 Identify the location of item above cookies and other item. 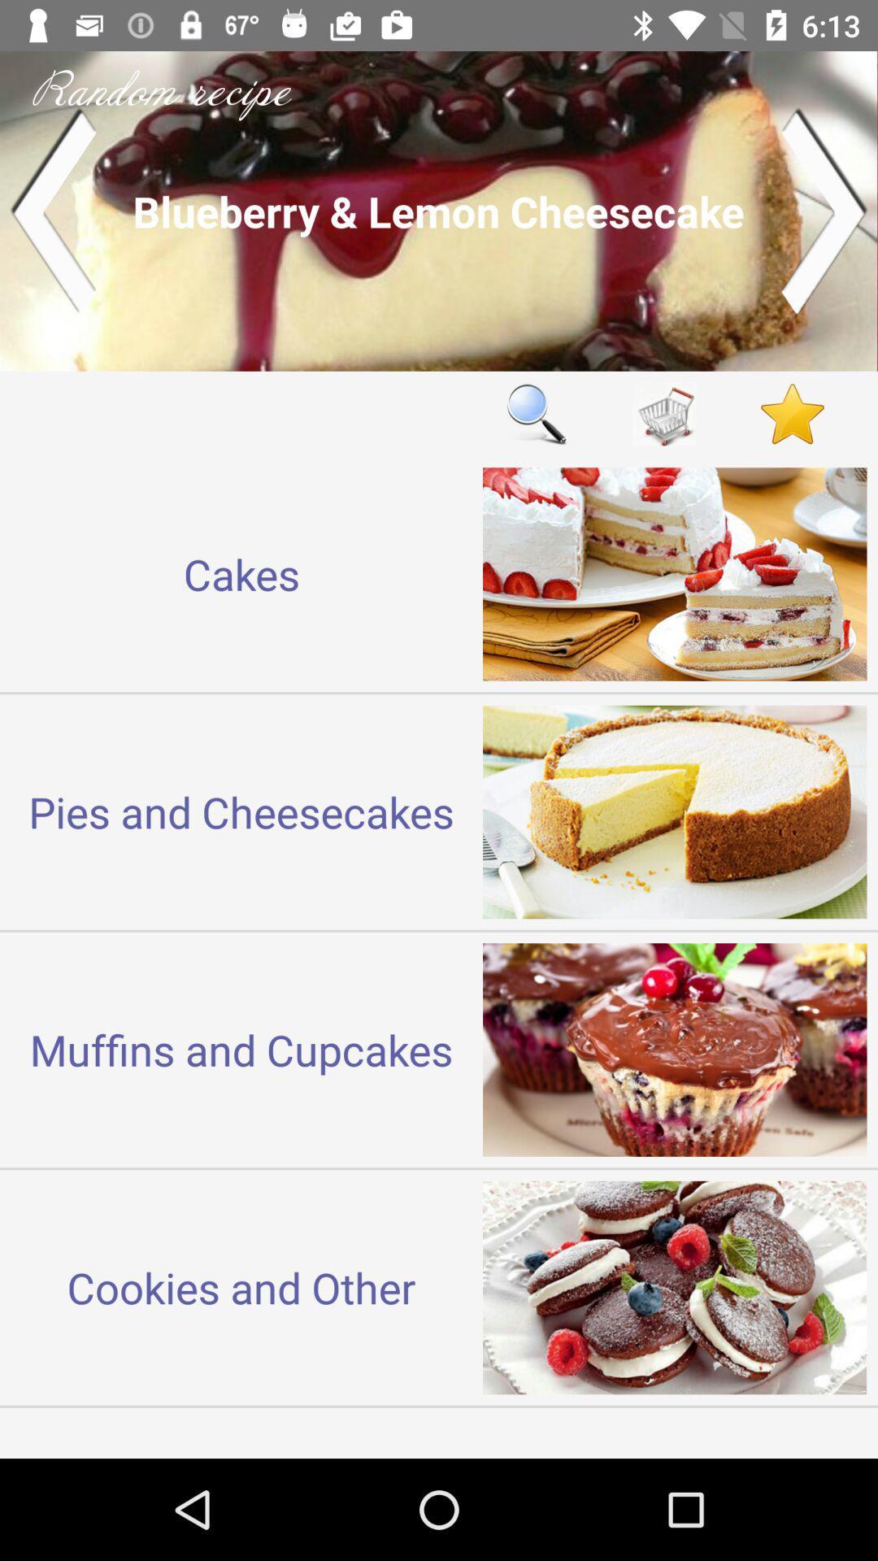
(241, 1050).